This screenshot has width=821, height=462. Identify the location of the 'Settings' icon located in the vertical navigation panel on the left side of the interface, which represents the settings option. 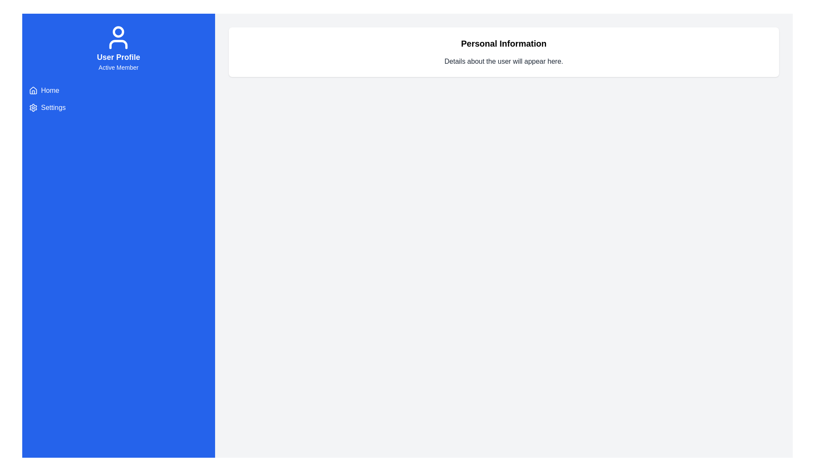
(33, 107).